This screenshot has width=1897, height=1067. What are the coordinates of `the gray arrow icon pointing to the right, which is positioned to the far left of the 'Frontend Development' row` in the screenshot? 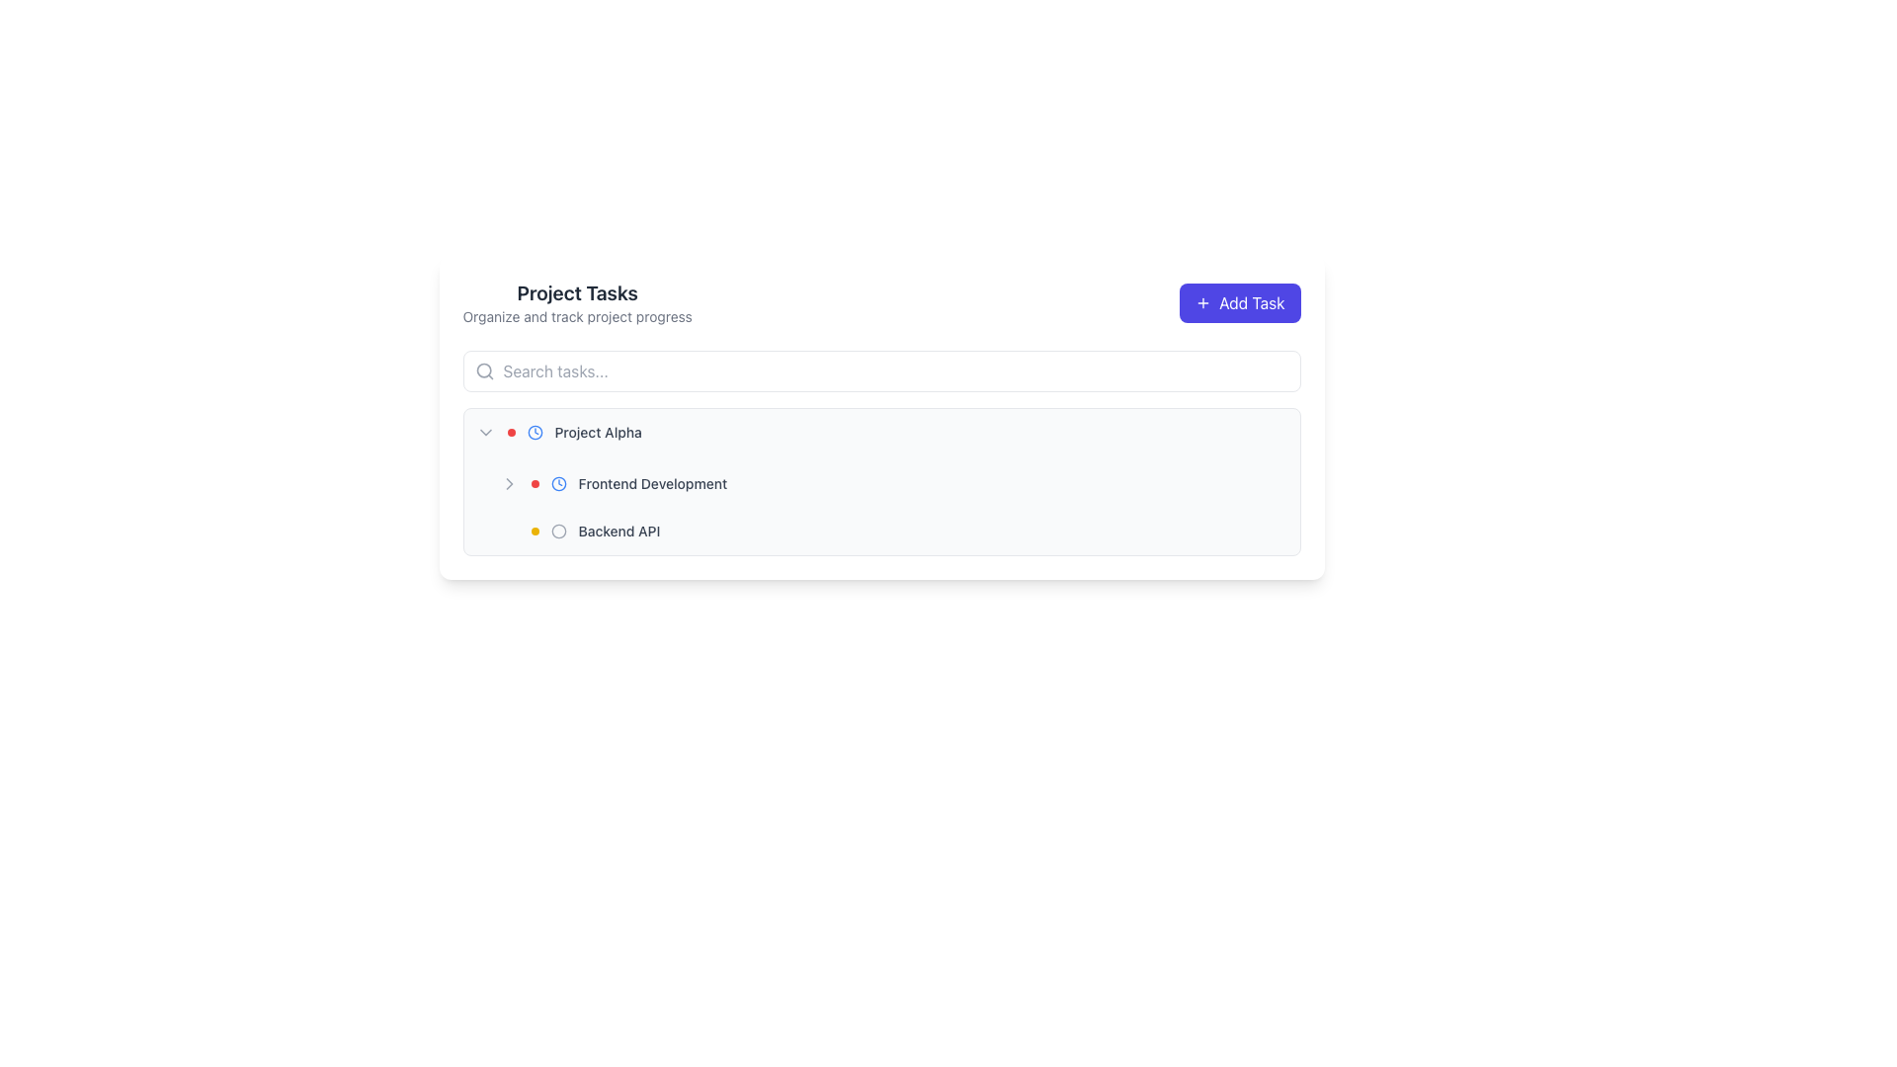 It's located at (509, 483).